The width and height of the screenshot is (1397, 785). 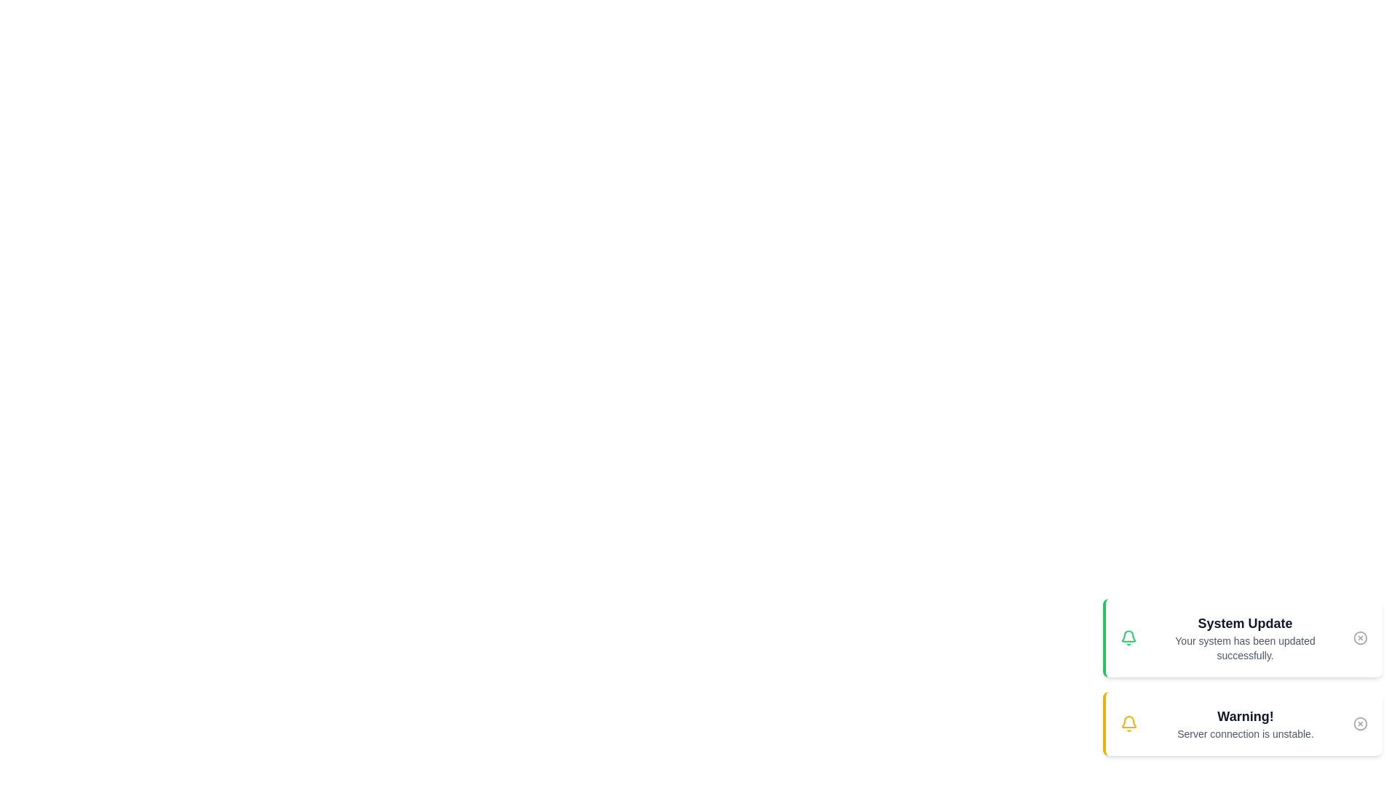 I want to click on the notification icon to reveal the tooltip, so click(x=1127, y=637).